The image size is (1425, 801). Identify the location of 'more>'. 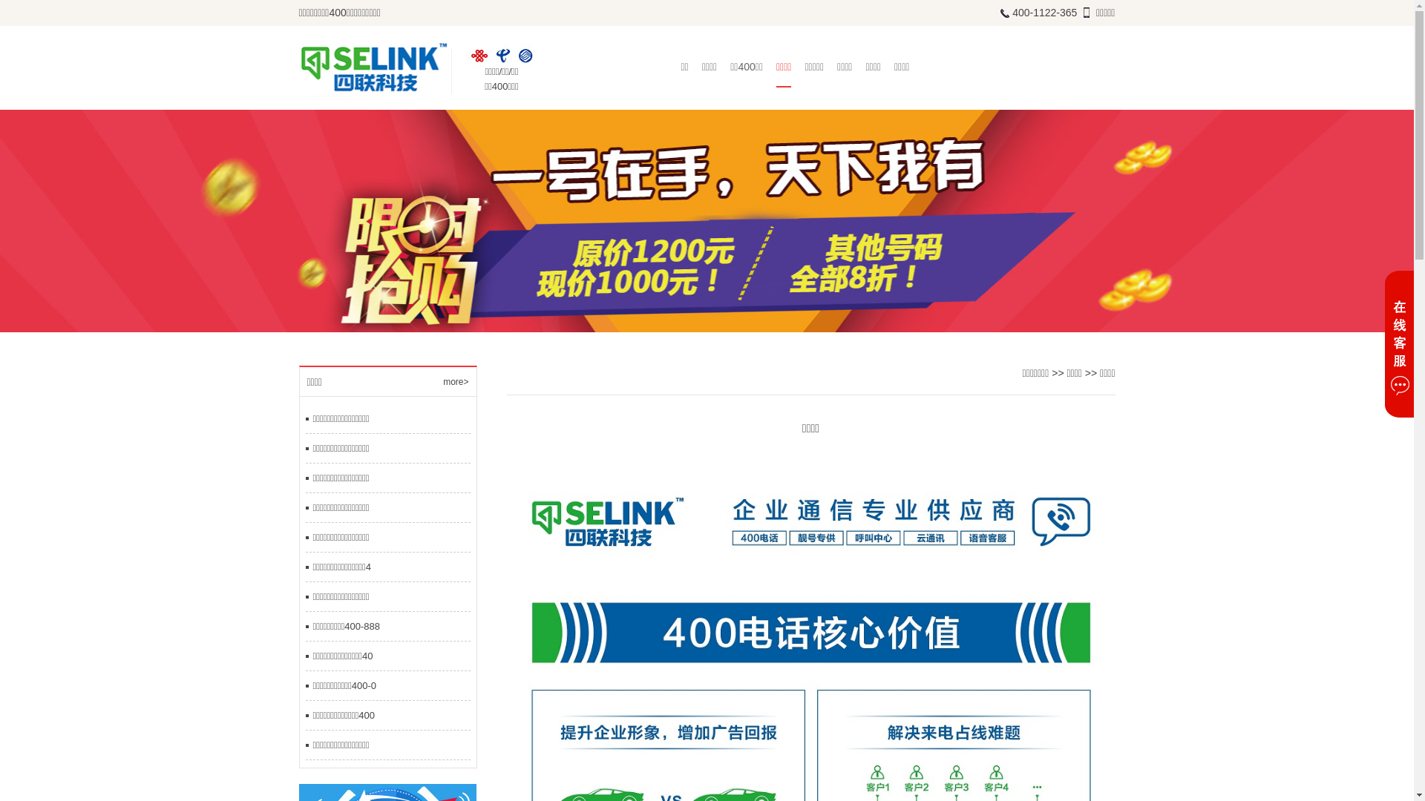
(442, 381).